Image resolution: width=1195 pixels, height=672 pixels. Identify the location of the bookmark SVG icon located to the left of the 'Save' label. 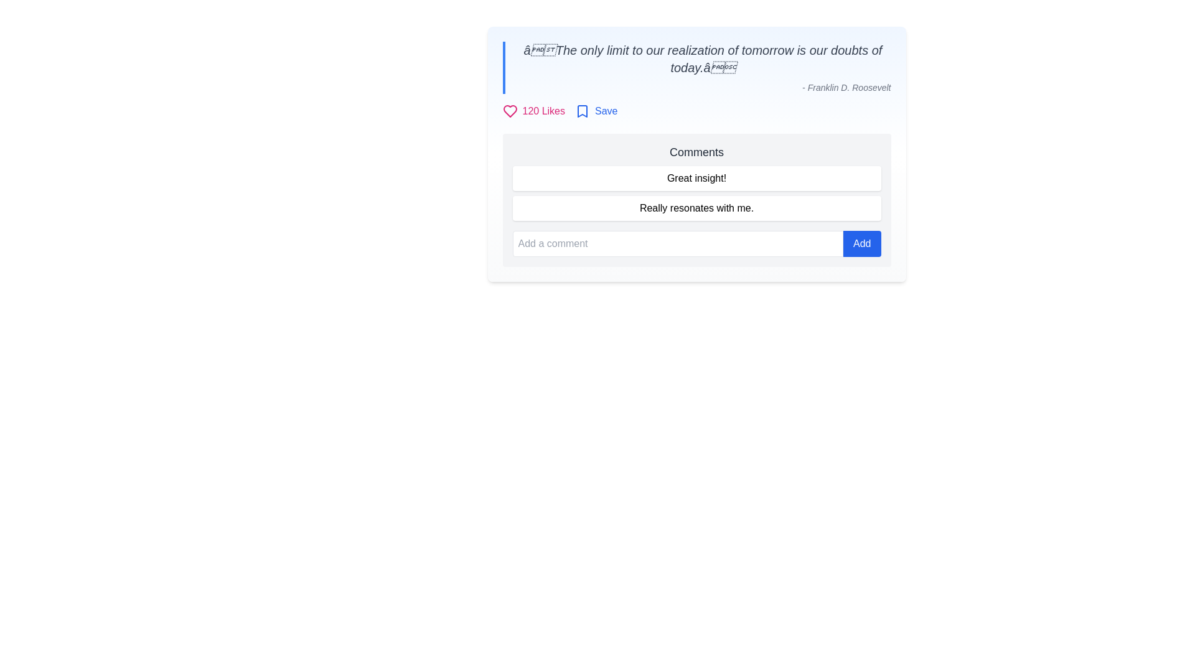
(582, 110).